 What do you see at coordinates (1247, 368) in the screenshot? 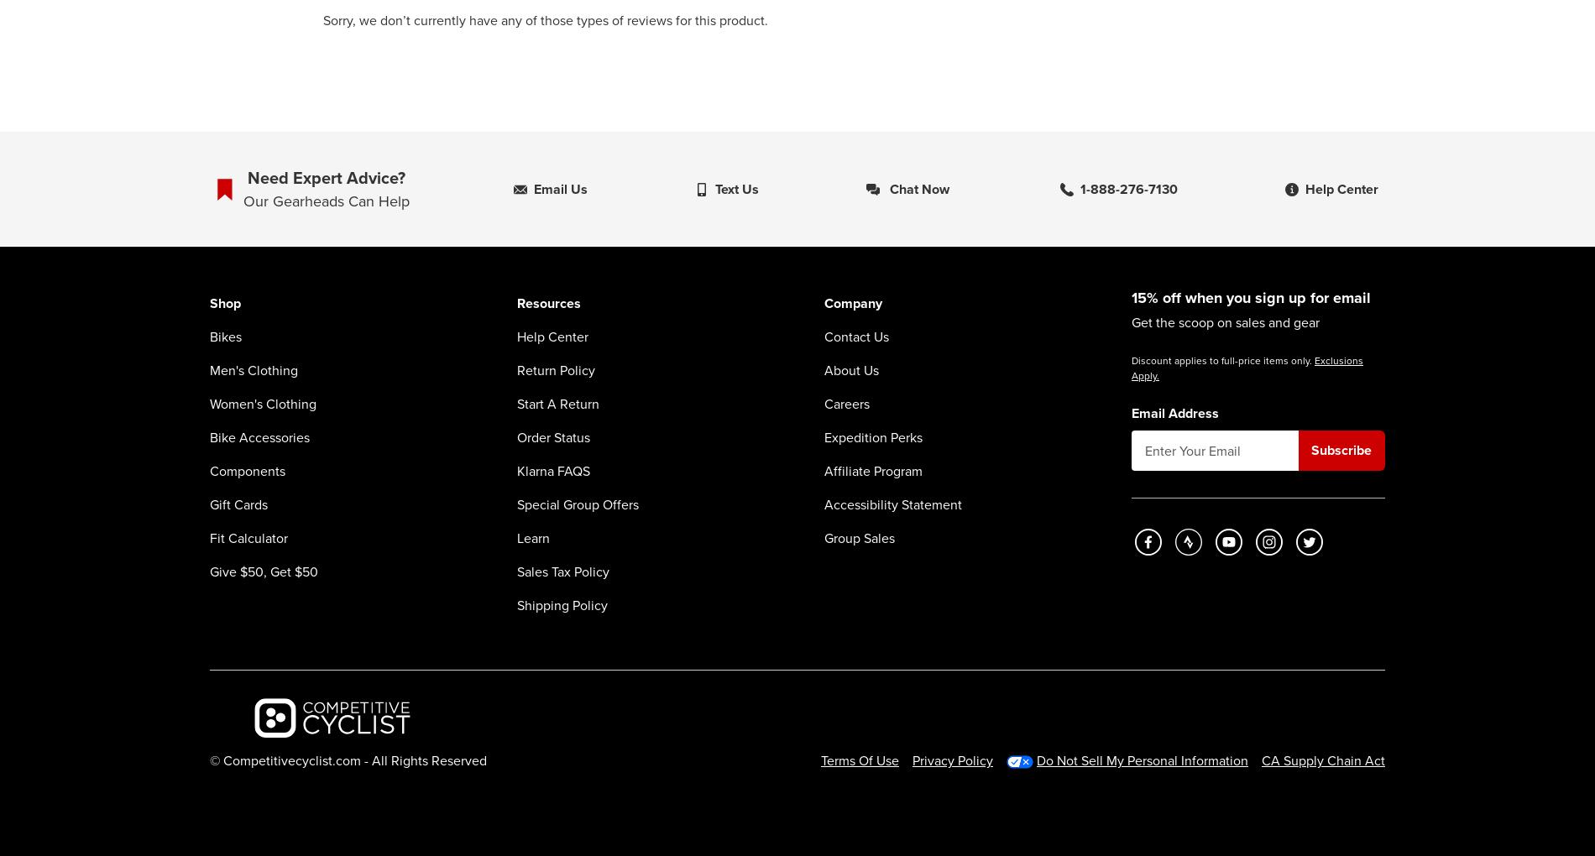
I see `'Exclusions Apply.'` at bounding box center [1247, 368].